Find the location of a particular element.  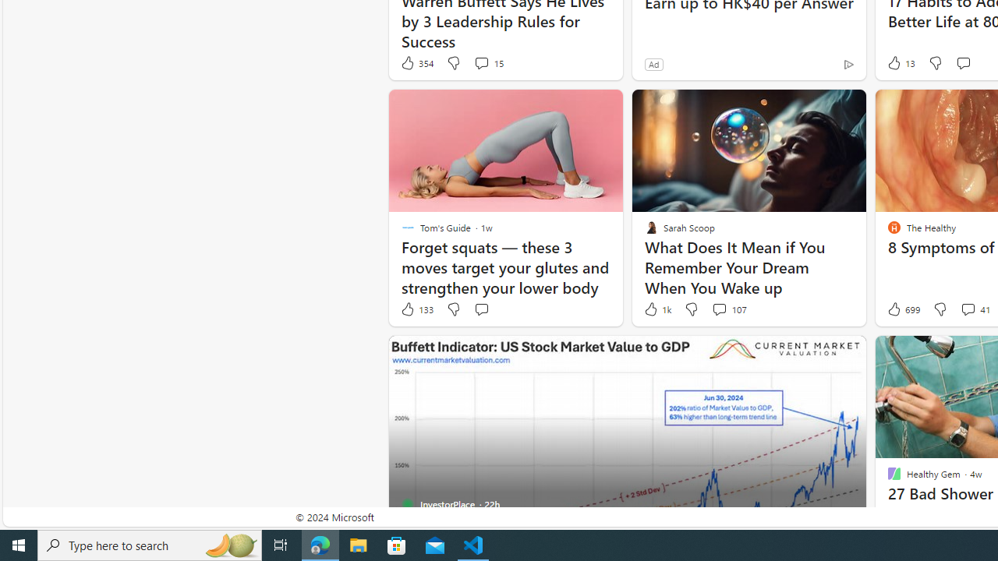

'View comments 107 Comment' is located at coordinates (728, 309).